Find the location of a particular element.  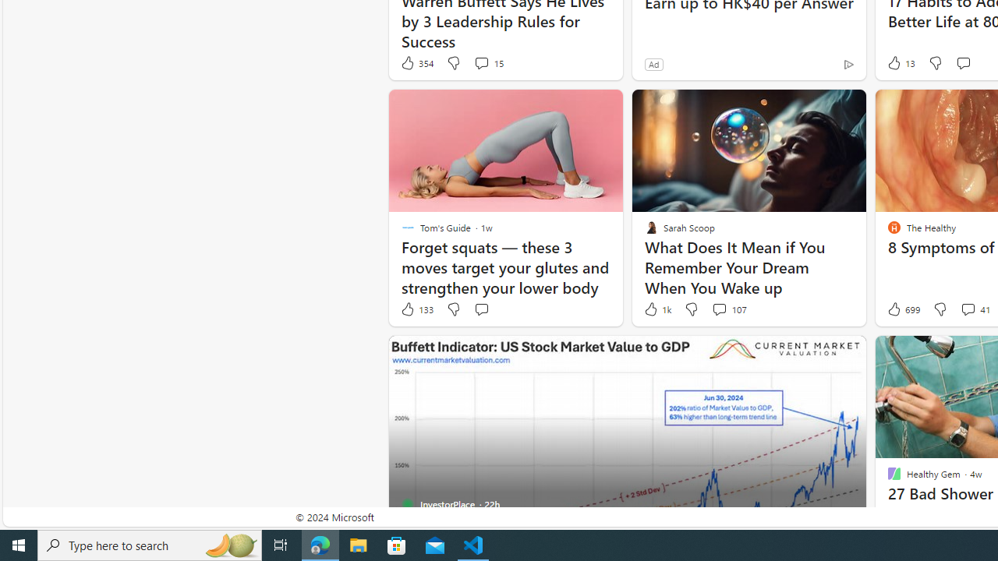

'View comments 107 Comment' is located at coordinates (728, 309).